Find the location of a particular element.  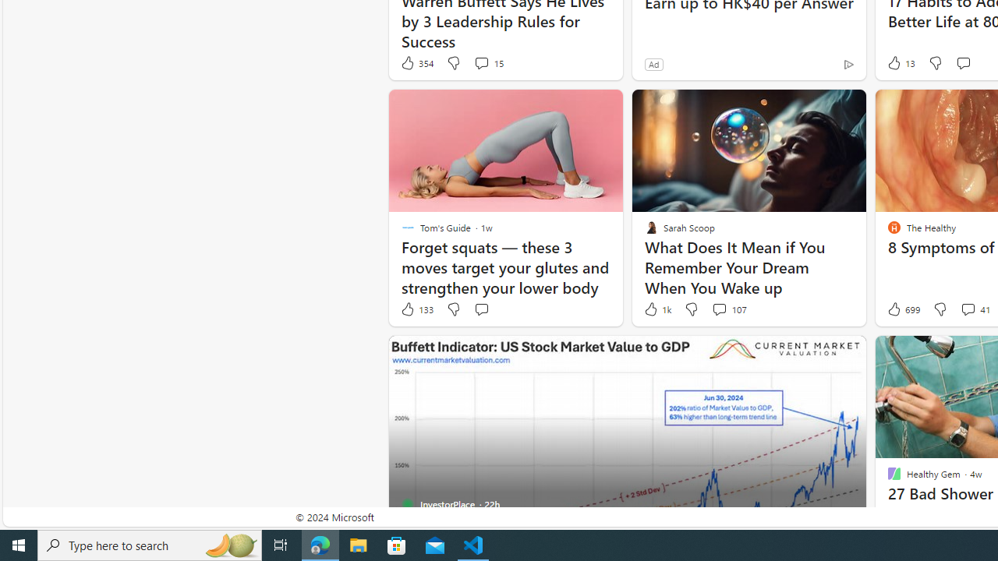

'View comments 107 Comment' is located at coordinates (728, 309).